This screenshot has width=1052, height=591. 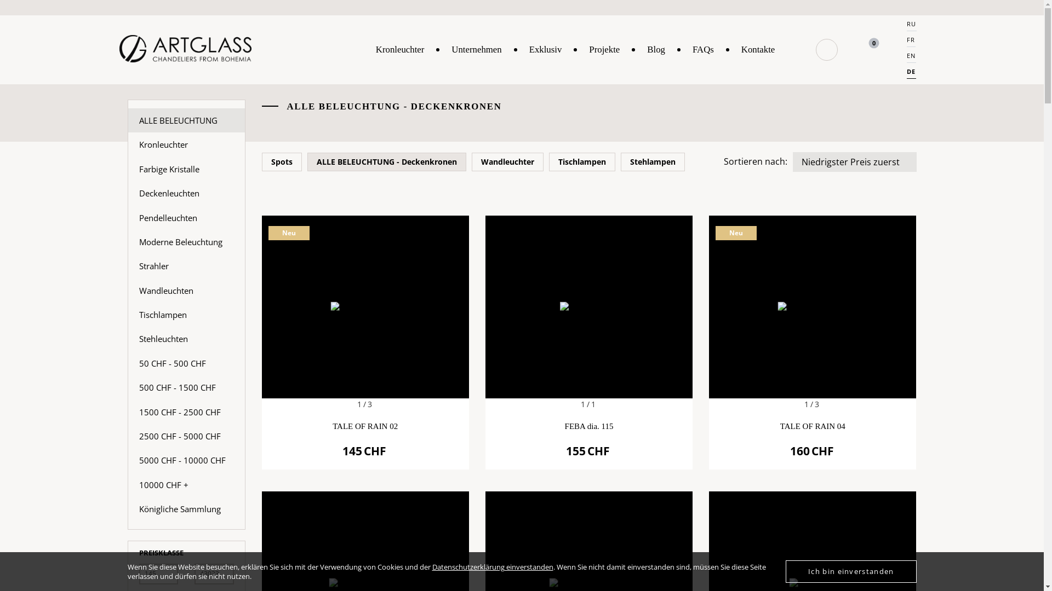 I want to click on 'Deckenleuchten', so click(x=186, y=193).